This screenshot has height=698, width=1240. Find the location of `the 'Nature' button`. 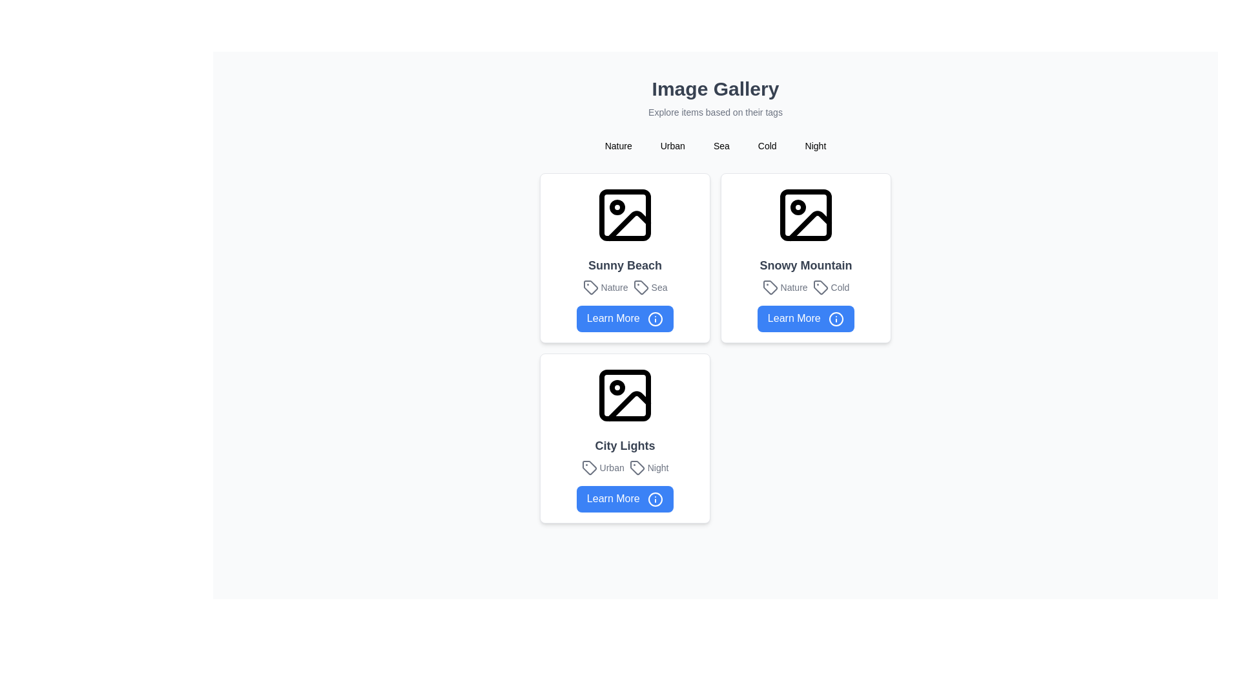

the 'Nature' button is located at coordinates (617, 145).